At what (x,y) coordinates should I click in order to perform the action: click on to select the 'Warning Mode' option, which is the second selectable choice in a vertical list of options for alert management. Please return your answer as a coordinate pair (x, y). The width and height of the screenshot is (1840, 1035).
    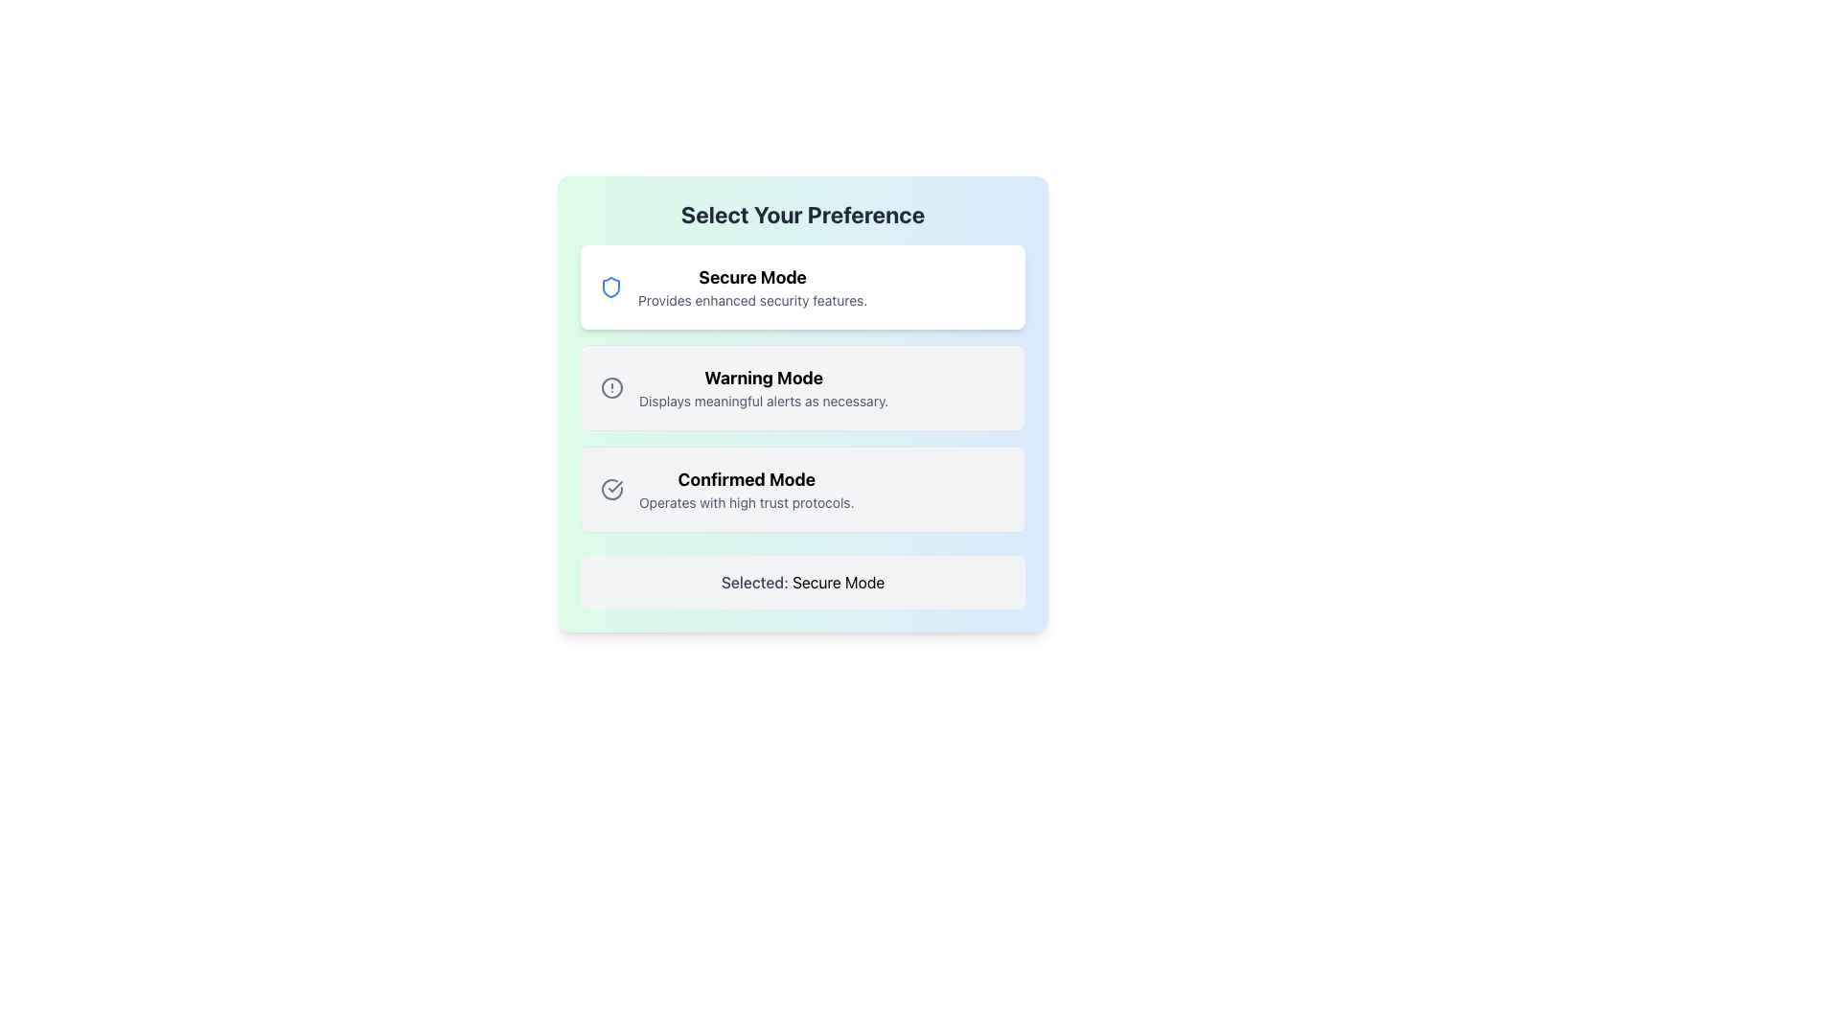
    Looking at the image, I should click on (803, 388).